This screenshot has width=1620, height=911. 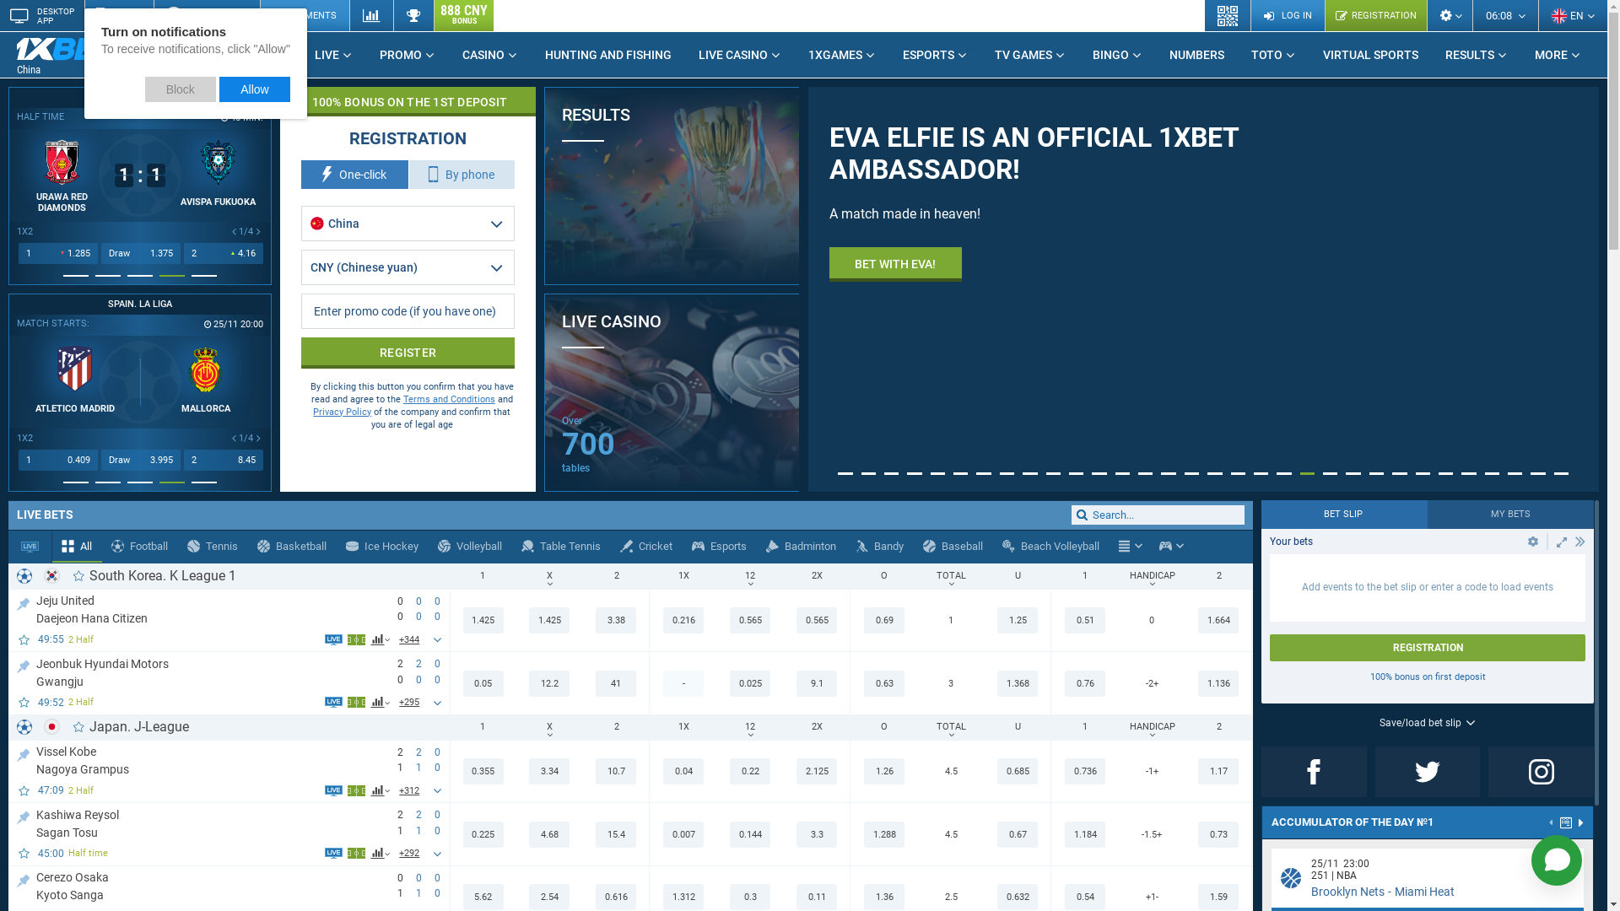 I want to click on 'All', so click(x=76, y=547).